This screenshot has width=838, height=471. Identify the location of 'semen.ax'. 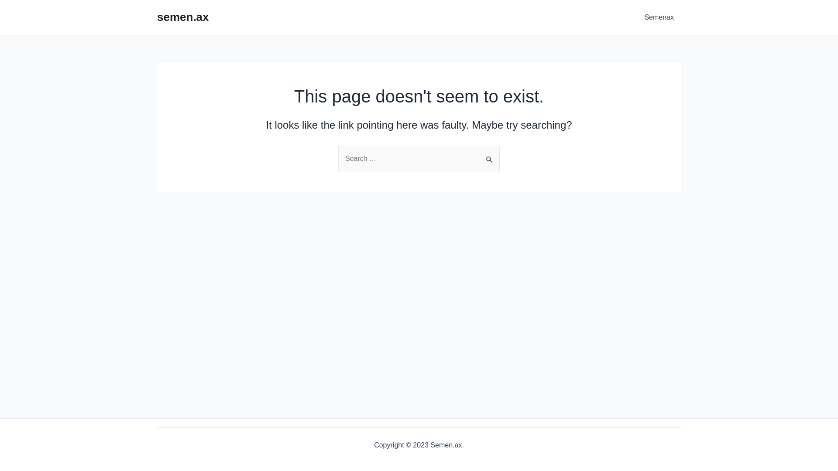
(182, 17).